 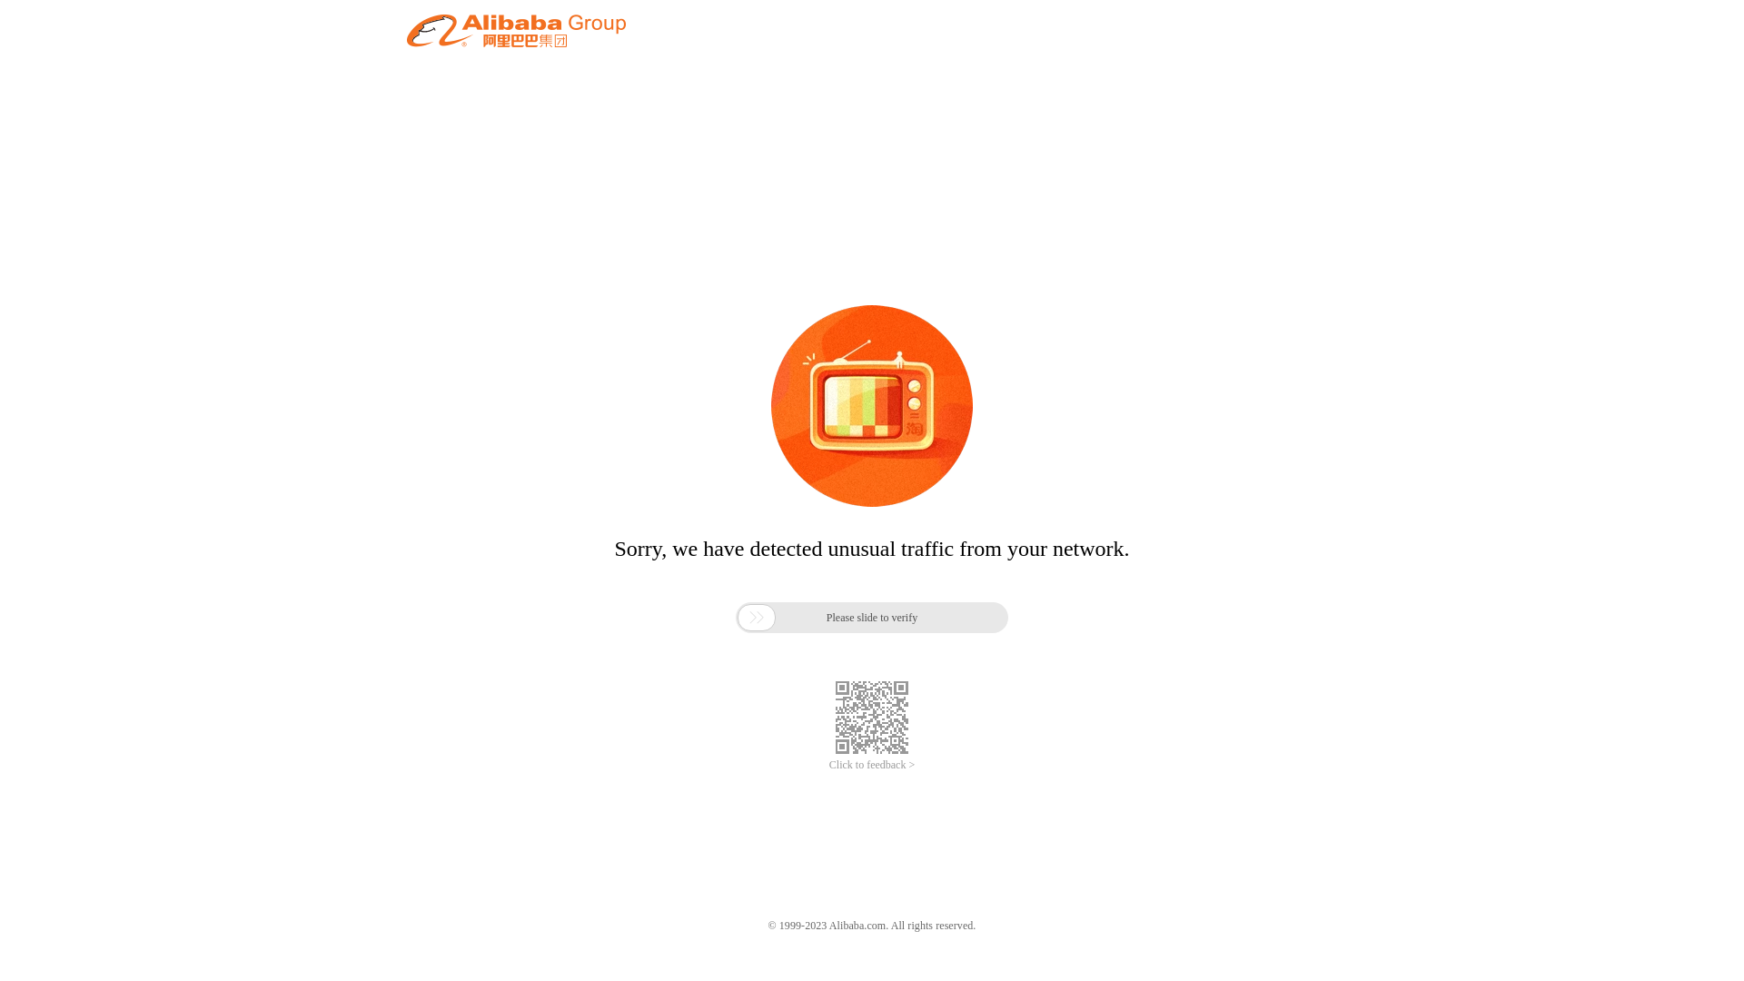 I want to click on 'Click to feedback >', so click(x=872, y=765).